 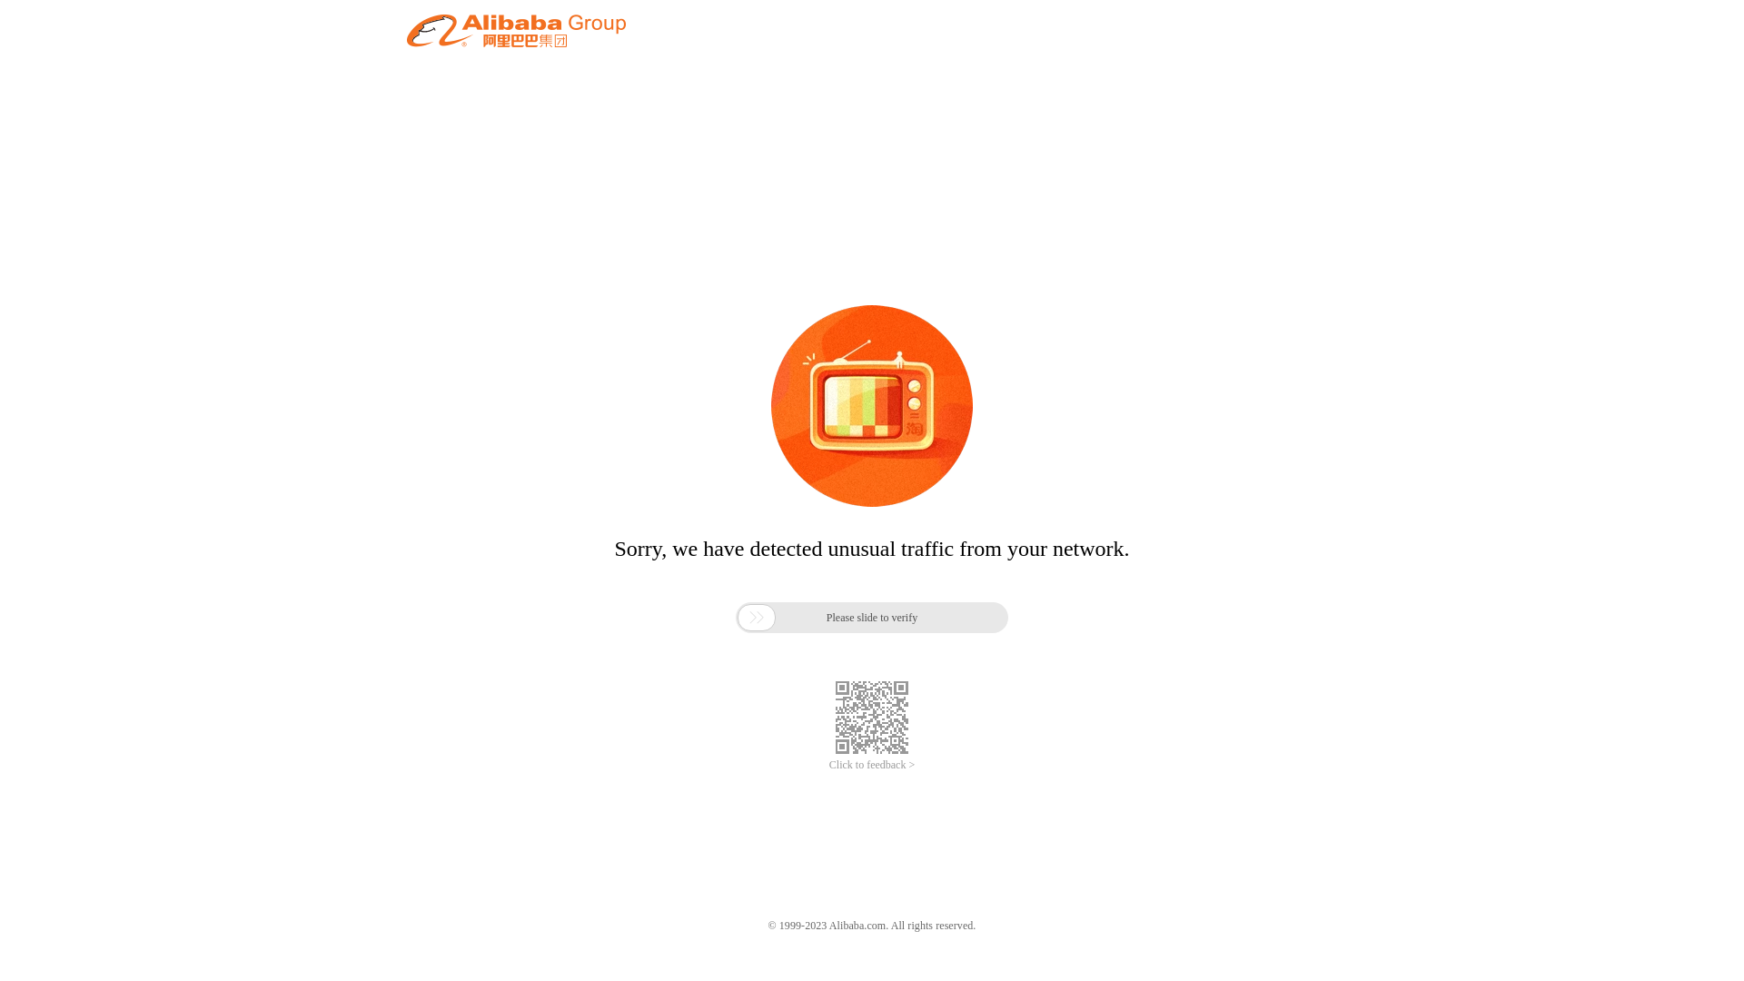 I want to click on 'Click to feedback >', so click(x=872, y=765).